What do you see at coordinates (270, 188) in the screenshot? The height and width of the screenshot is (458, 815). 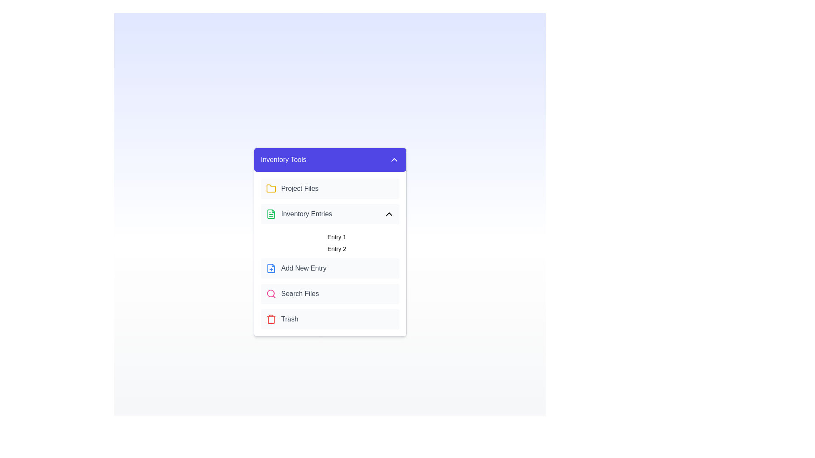 I see `the yellow folder icon with rounded edges, part of the 'Project Files' entry` at bounding box center [270, 188].